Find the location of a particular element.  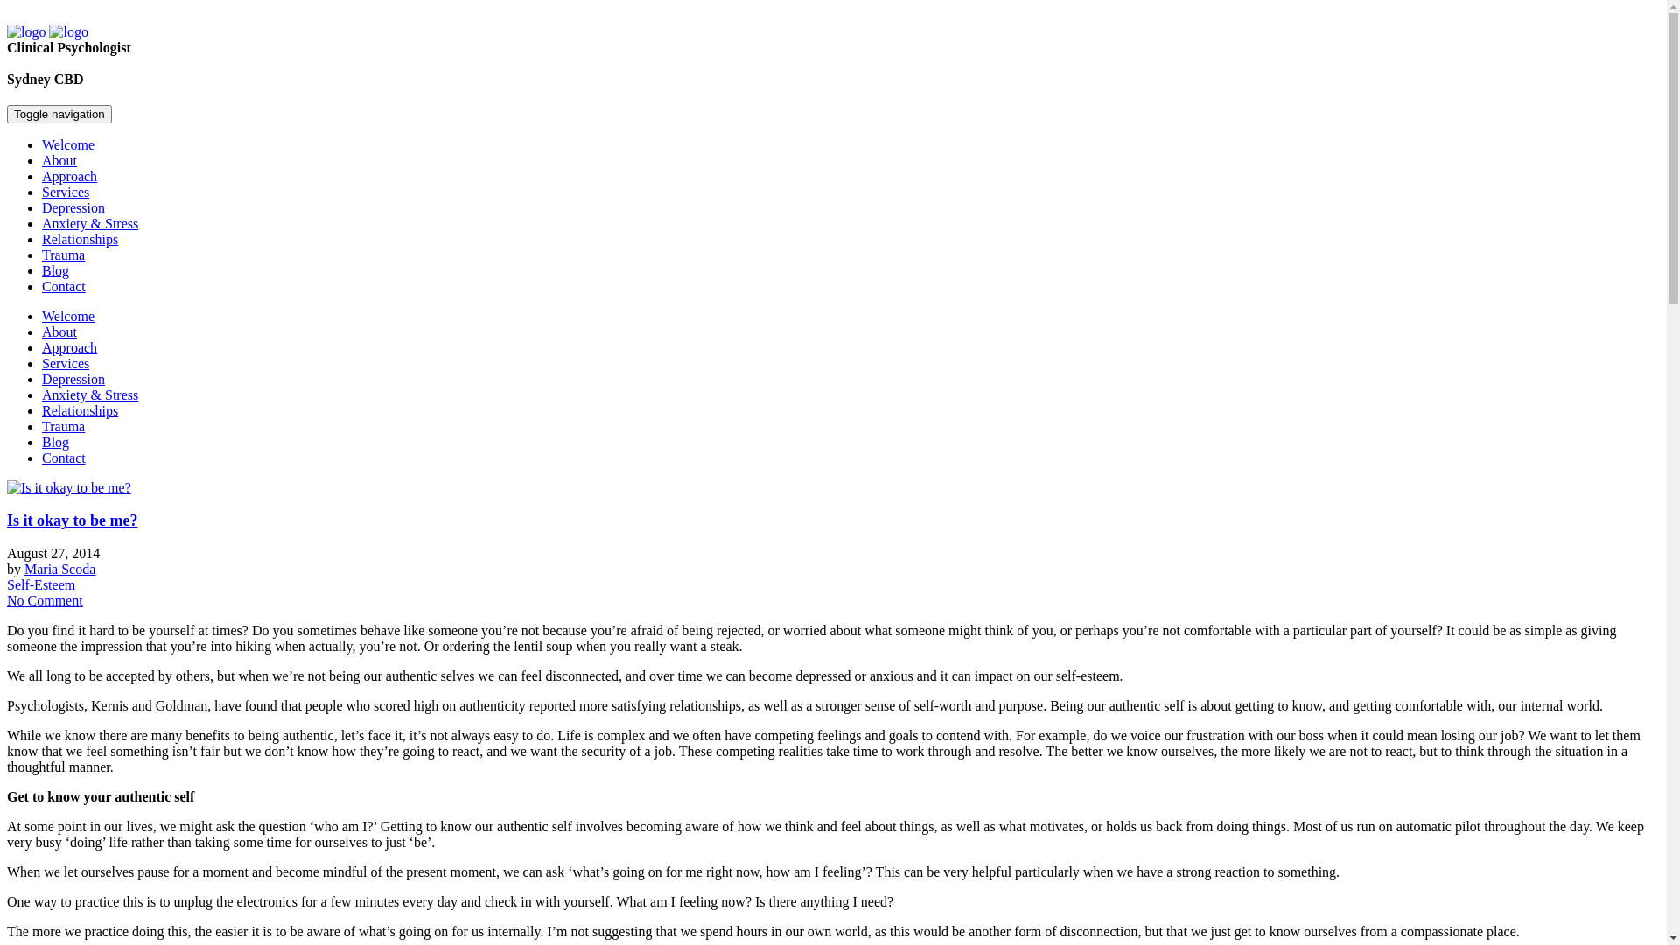

'Welcome' is located at coordinates (42, 143).